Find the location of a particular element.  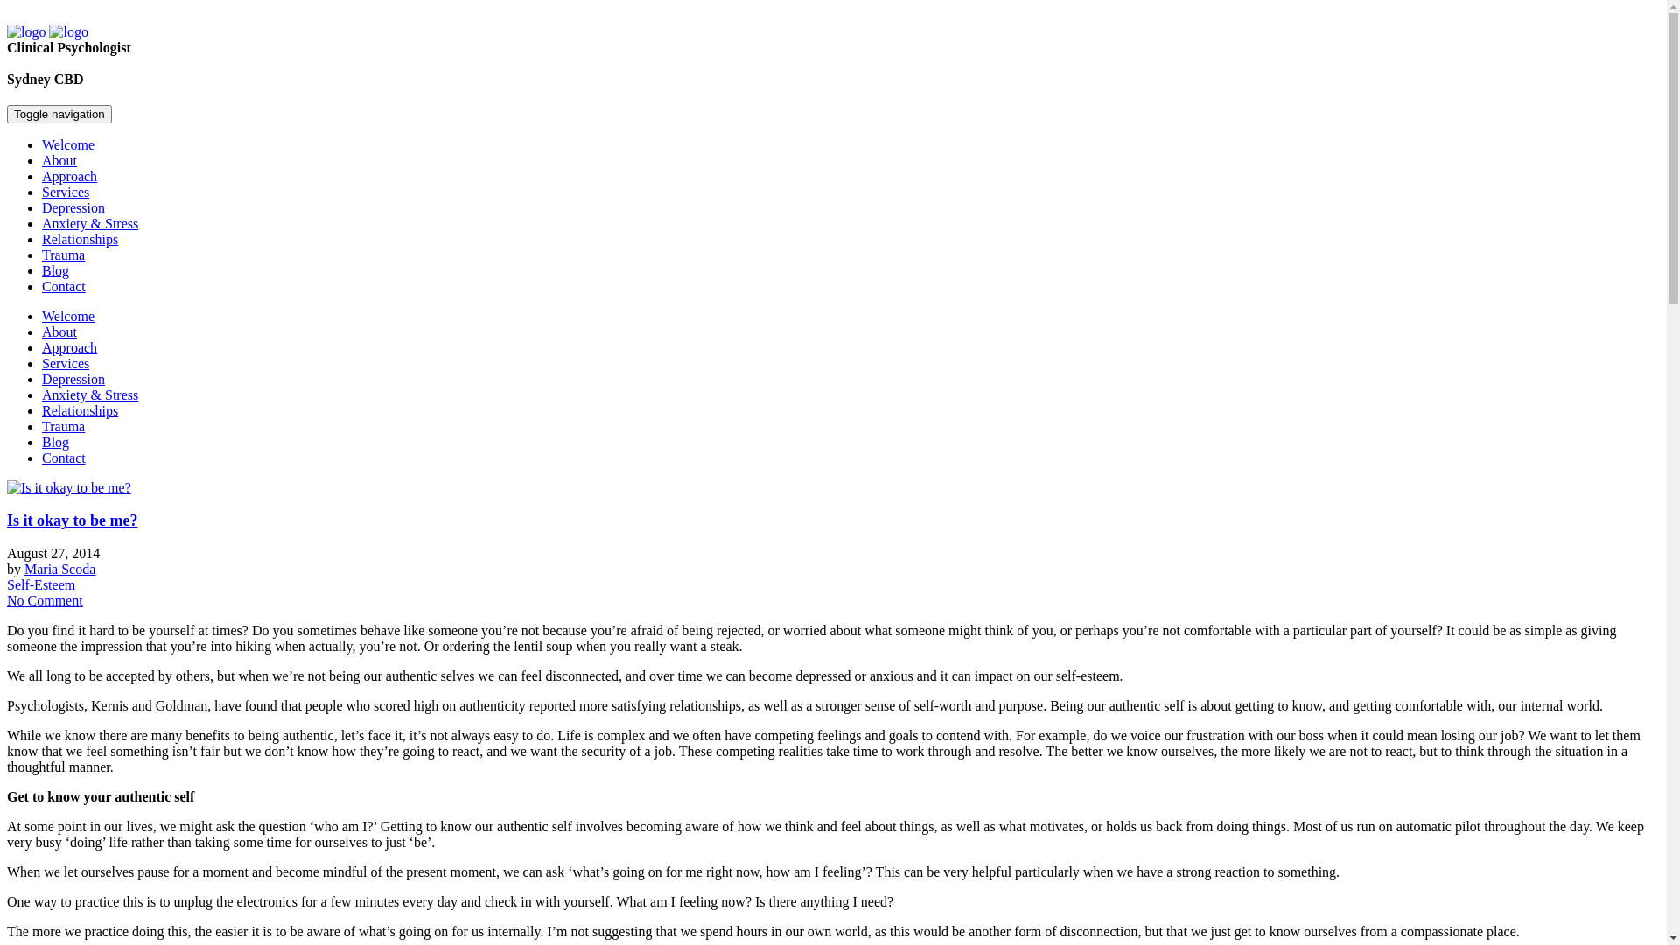

'Welcome' is located at coordinates (42, 143).